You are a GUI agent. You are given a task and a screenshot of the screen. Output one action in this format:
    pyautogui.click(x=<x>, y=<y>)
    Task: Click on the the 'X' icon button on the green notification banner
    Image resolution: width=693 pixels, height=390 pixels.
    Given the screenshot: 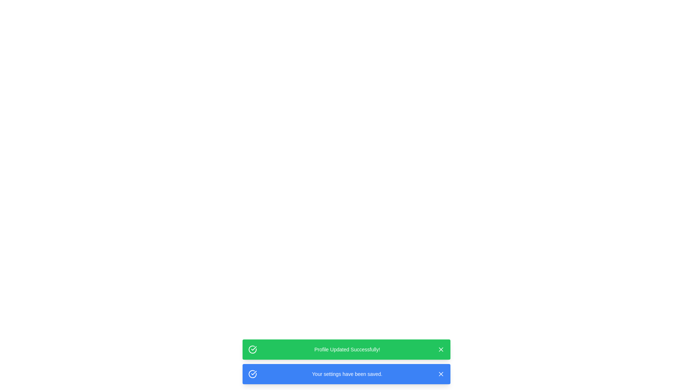 What is the action you would take?
    pyautogui.click(x=441, y=349)
    